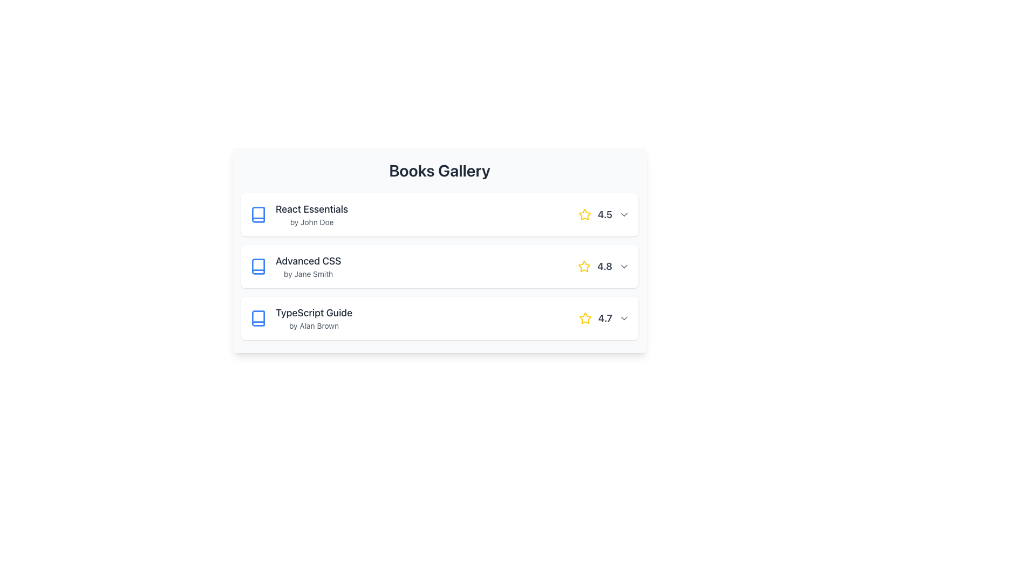 The image size is (1036, 583). What do you see at coordinates (584, 318) in the screenshot?
I see `SVG Star Symbol icon located in the third row of the item list, which serves as a visual indicator for a rating system, positioned to the left of the numeric rating text '4.7'` at bounding box center [584, 318].